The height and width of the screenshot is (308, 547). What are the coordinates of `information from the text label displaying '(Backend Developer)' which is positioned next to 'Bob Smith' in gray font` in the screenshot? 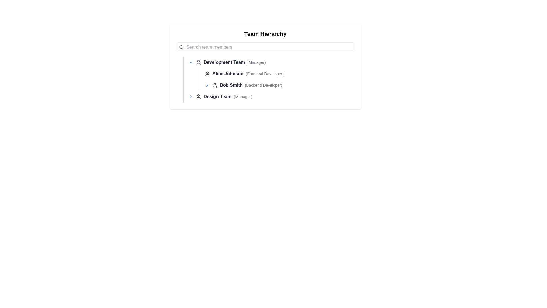 It's located at (263, 85).